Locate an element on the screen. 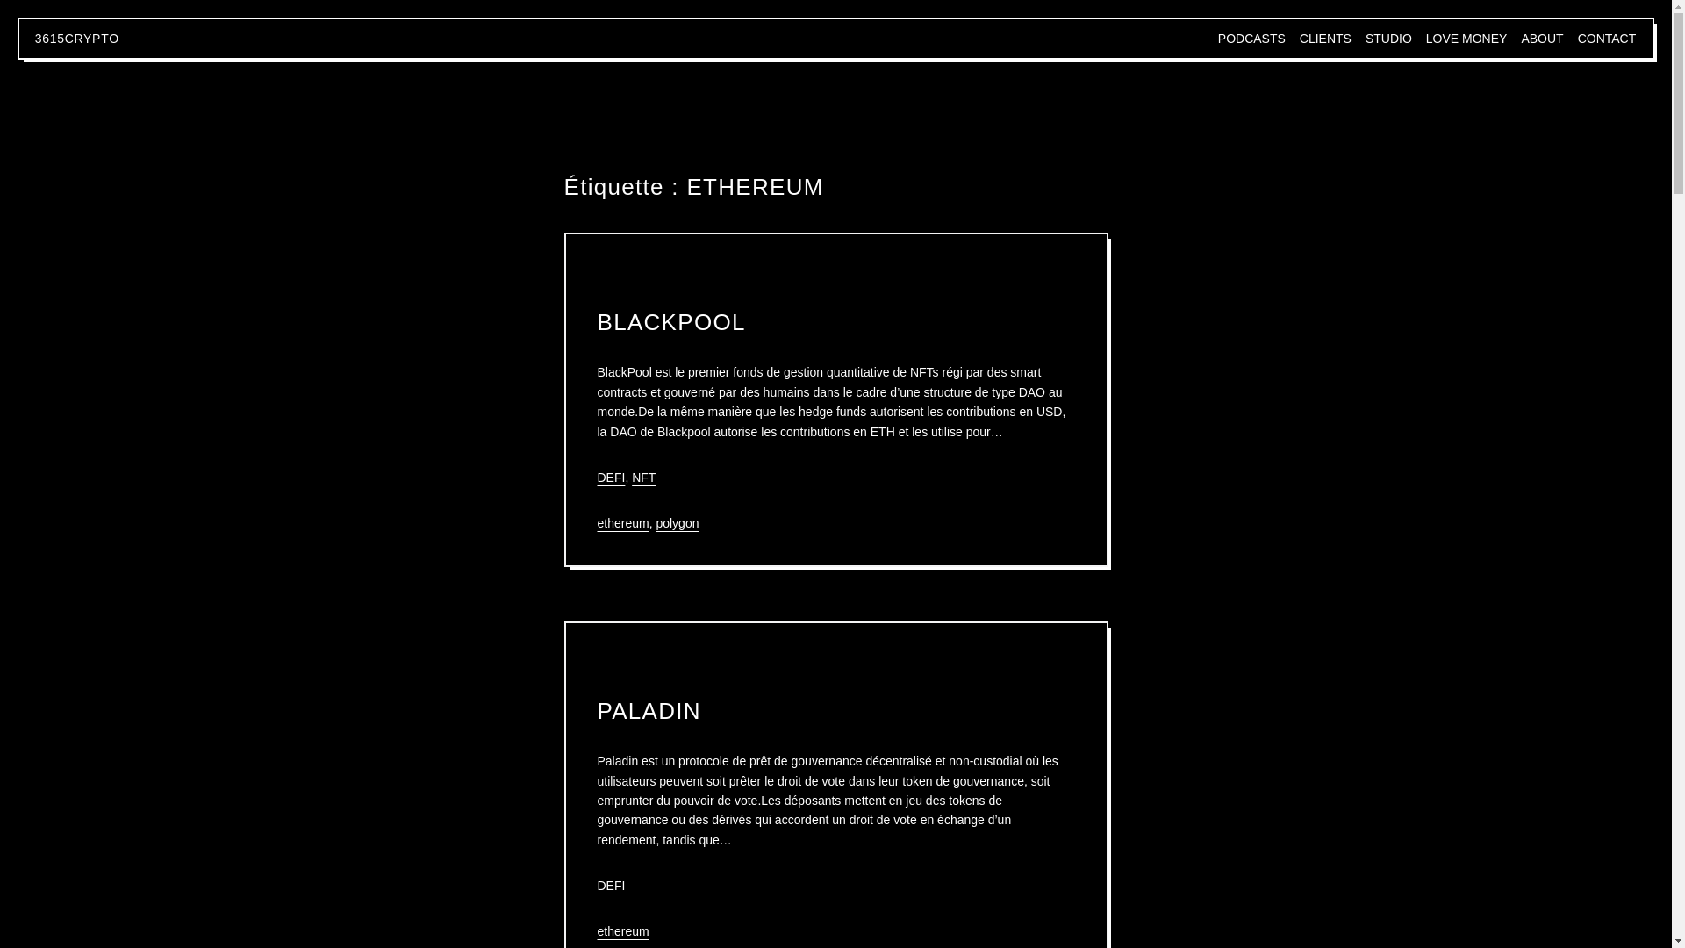 The width and height of the screenshot is (1685, 948). 'NFT' is located at coordinates (642, 477).